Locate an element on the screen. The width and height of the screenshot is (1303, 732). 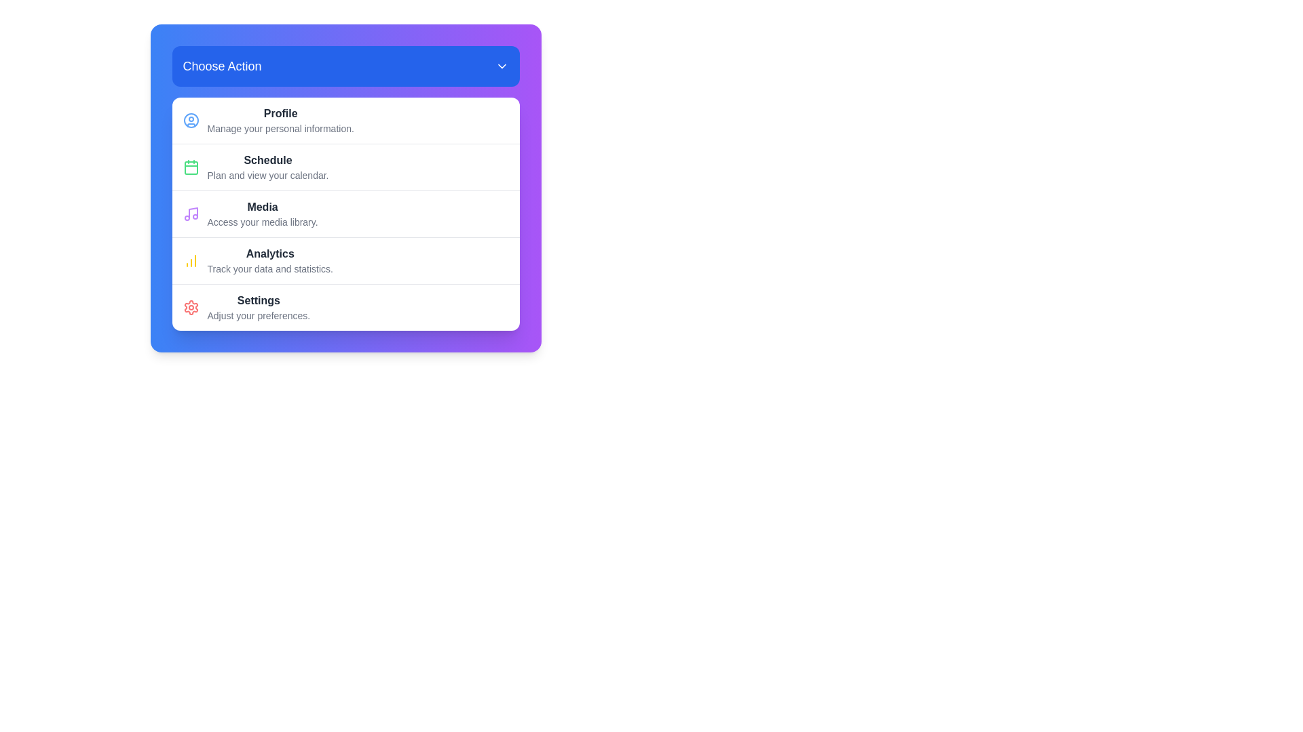
the Dropdown Button, which is the first interactive component in its section is located at coordinates (345, 66).